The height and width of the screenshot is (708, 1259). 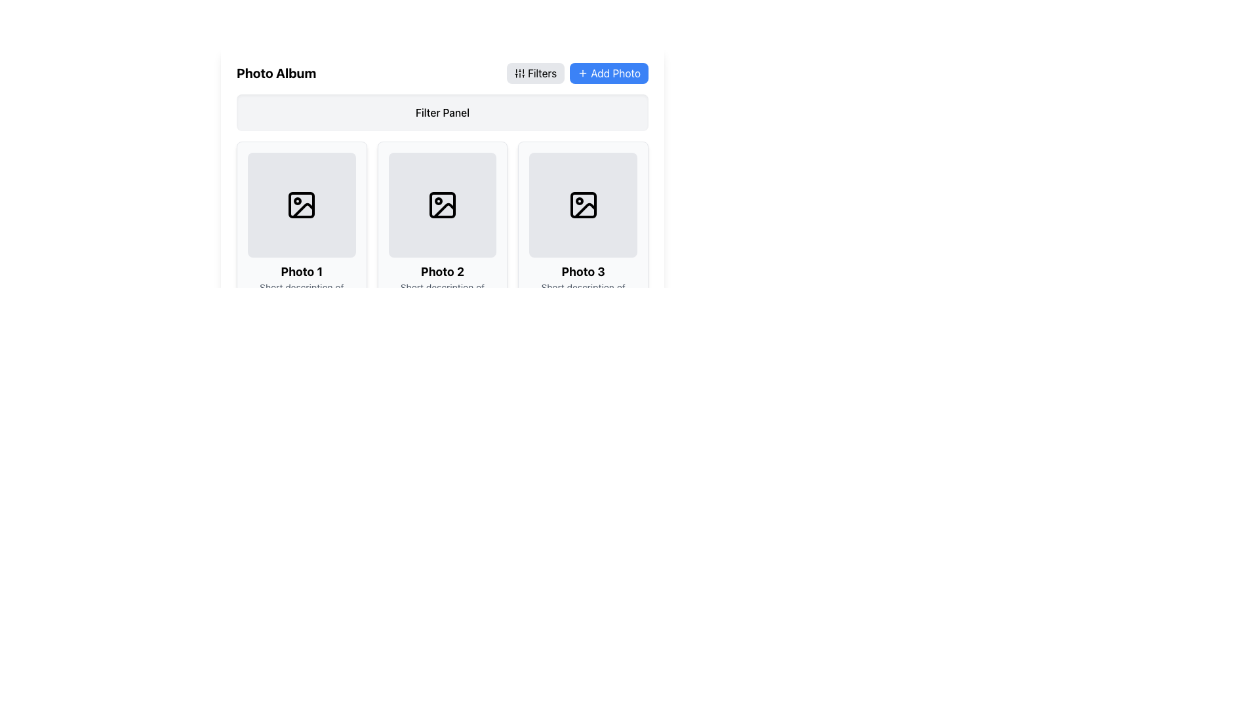 What do you see at coordinates (443, 112) in the screenshot?
I see `the 'Filter Panel' static text element which is a rectangular panel with rounded corners, light gray background, and bold centered text` at bounding box center [443, 112].